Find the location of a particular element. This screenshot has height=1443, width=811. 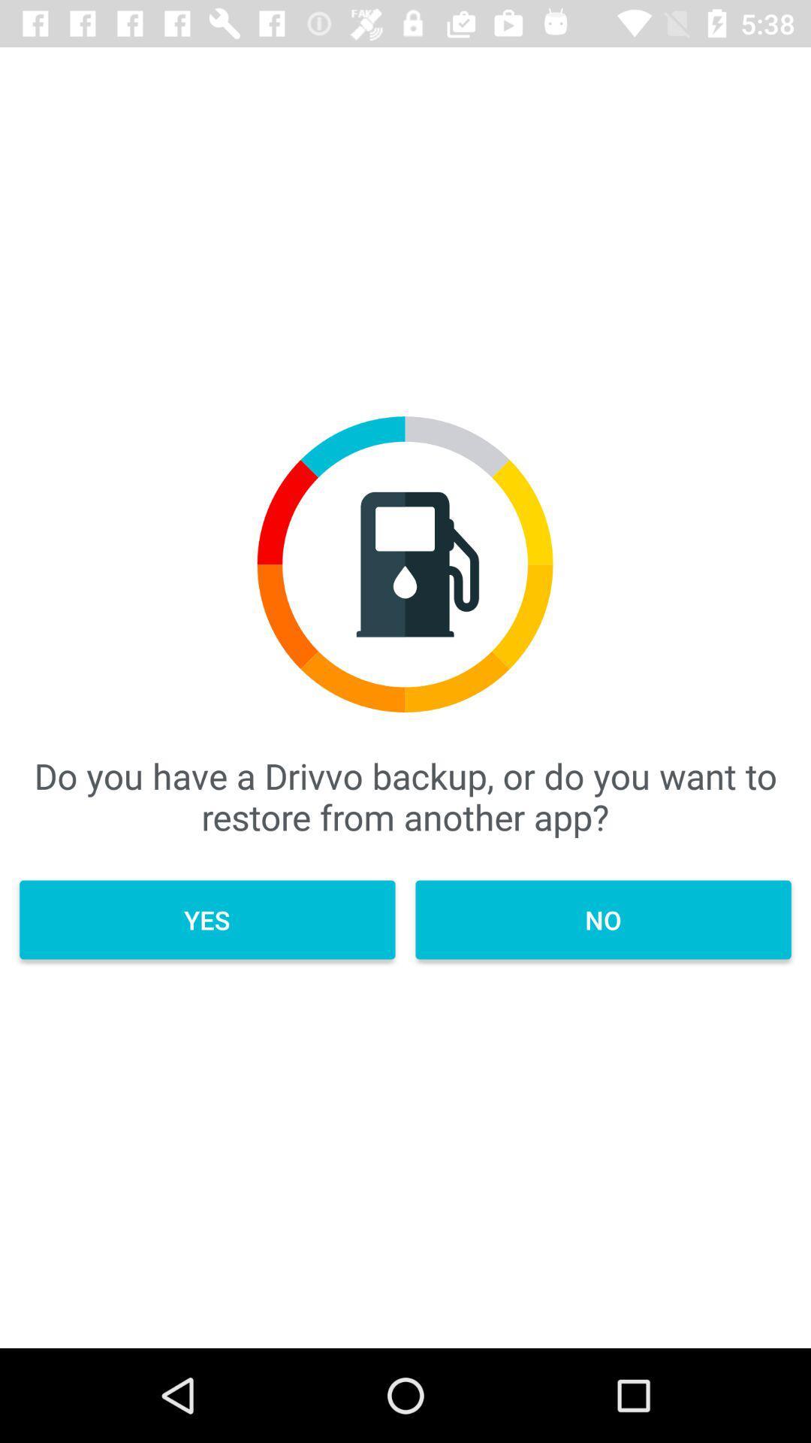

icon next to no icon is located at coordinates (207, 919).